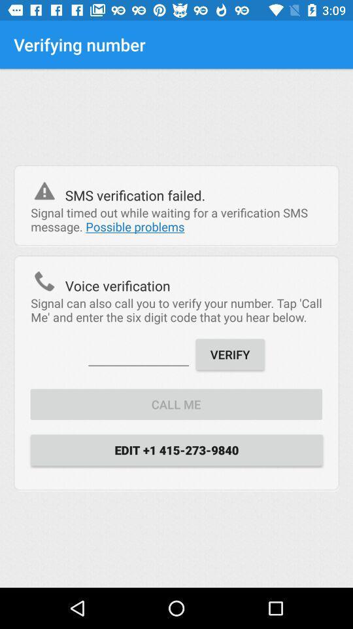 Image resolution: width=353 pixels, height=629 pixels. What do you see at coordinates (176, 449) in the screenshot?
I see `icon below the call me` at bounding box center [176, 449].